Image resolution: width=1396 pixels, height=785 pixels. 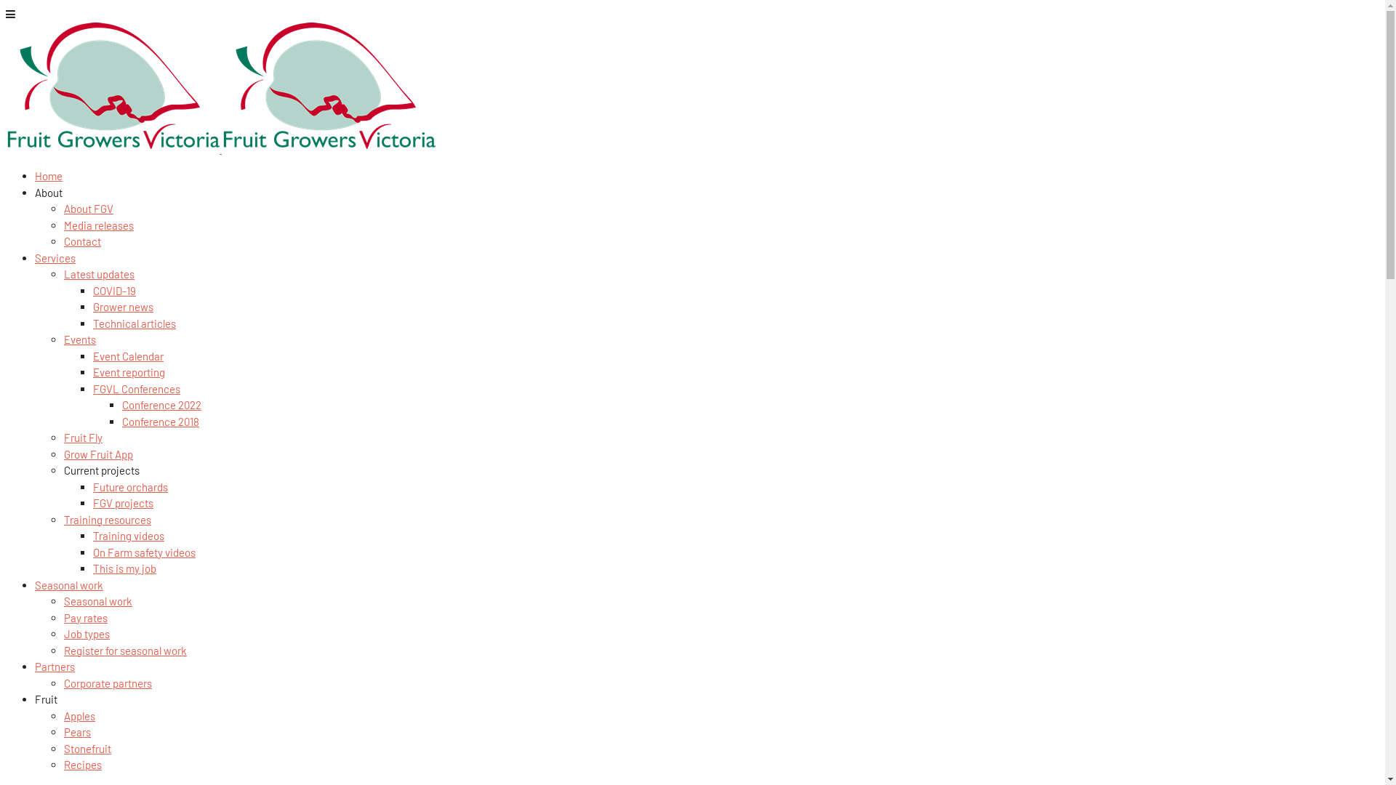 I want to click on 'Conference 2022', so click(x=161, y=404).